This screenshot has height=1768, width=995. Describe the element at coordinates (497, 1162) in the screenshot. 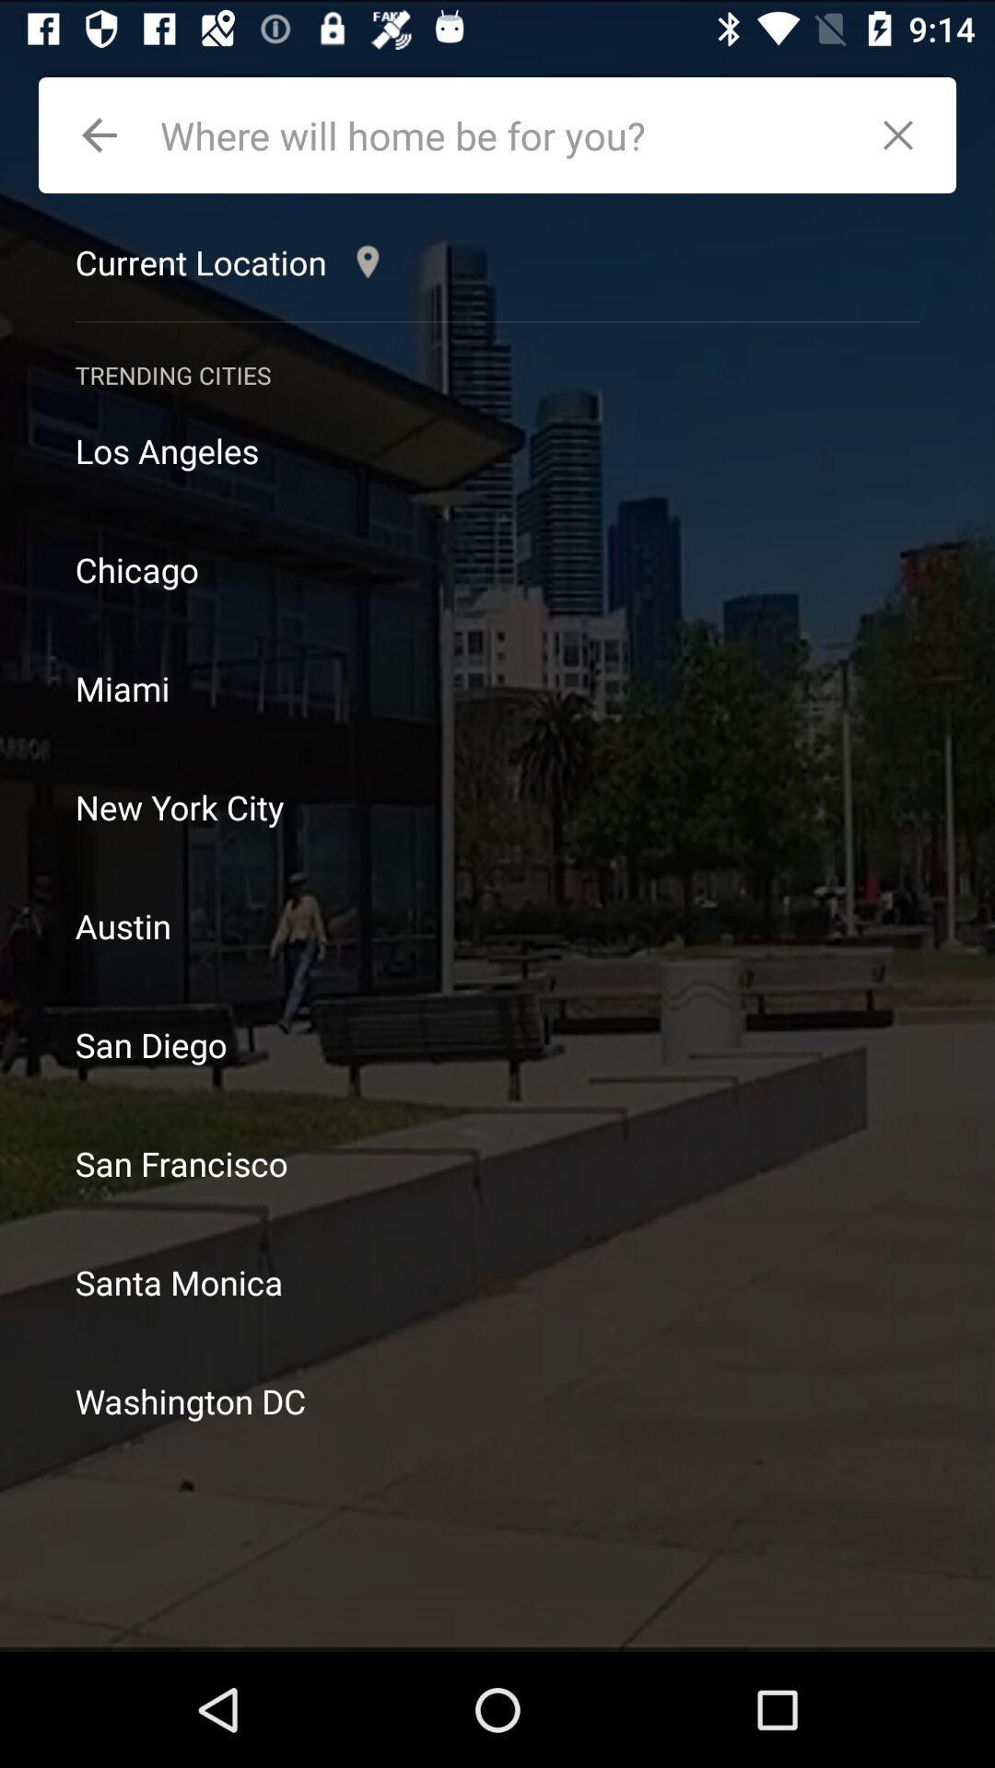

I see `the san francisco icon` at that location.